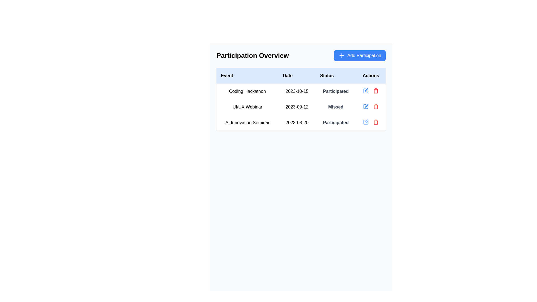  I want to click on the interactive edit icon, which is a small blue square icon located in the 'Actions' column of the data table for the 'UI/UX Webinar' entry, so click(366, 122).